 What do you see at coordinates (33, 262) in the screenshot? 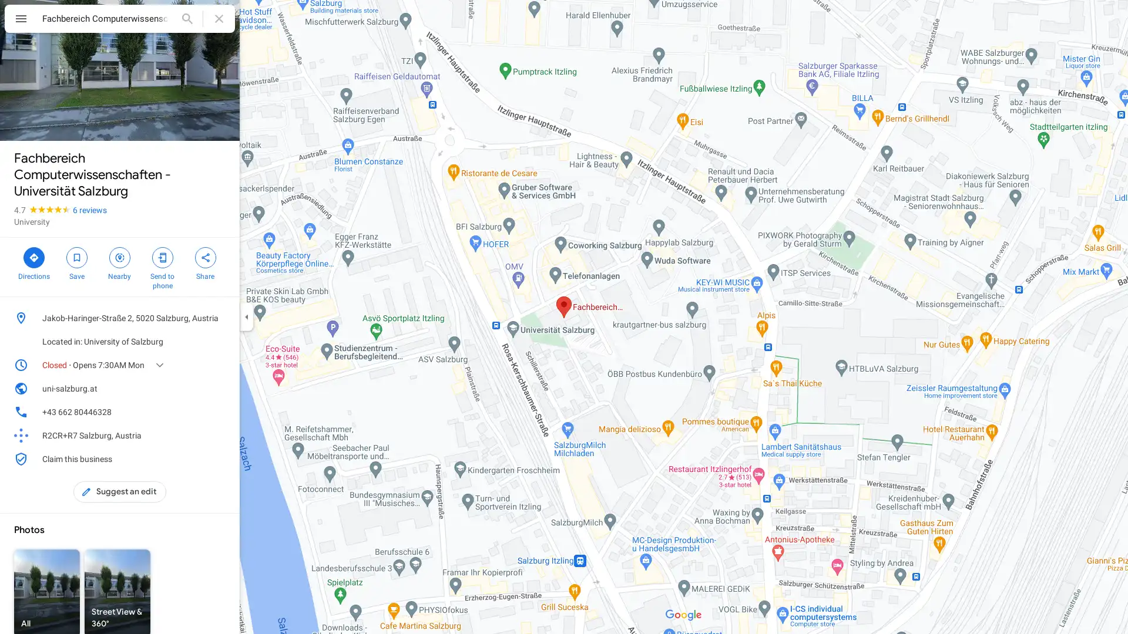
I see `Directions to Fachbereich Computerwissenschaften - Universitat Salzburg` at bounding box center [33, 262].